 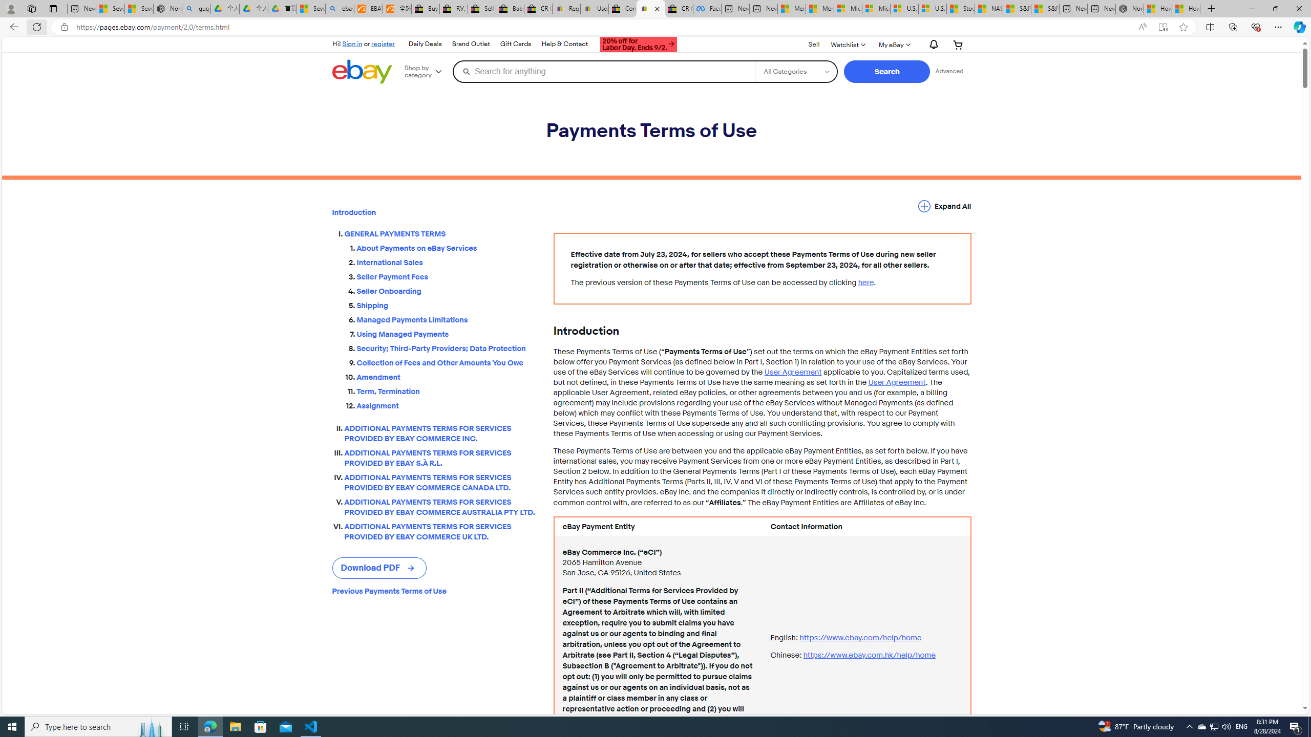 What do you see at coordinates (932, 45) in the screenshot?
I see `'AutomationID: gh-eb-Alerts'` at bounding box center [932, 45].